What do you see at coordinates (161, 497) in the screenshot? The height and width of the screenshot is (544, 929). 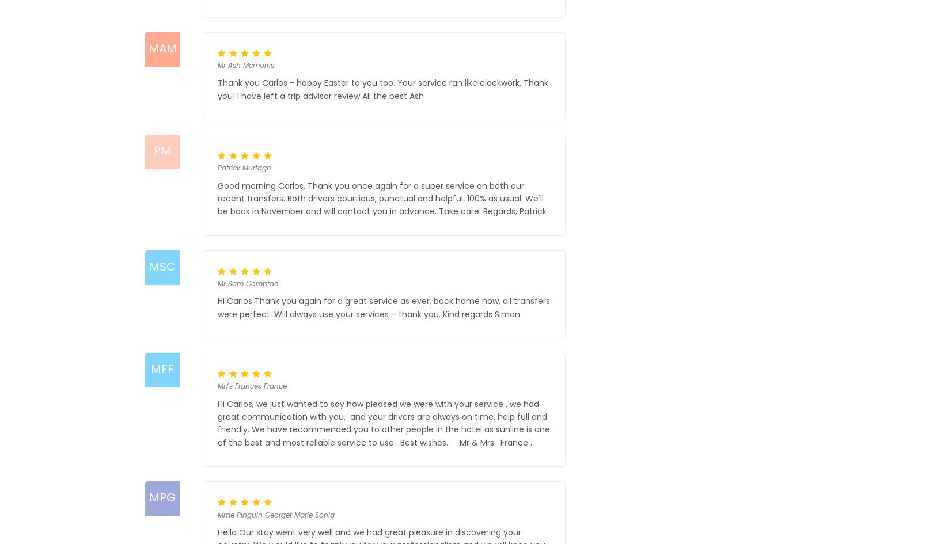 I see `'MPG'` at bounding box center [161, 497].